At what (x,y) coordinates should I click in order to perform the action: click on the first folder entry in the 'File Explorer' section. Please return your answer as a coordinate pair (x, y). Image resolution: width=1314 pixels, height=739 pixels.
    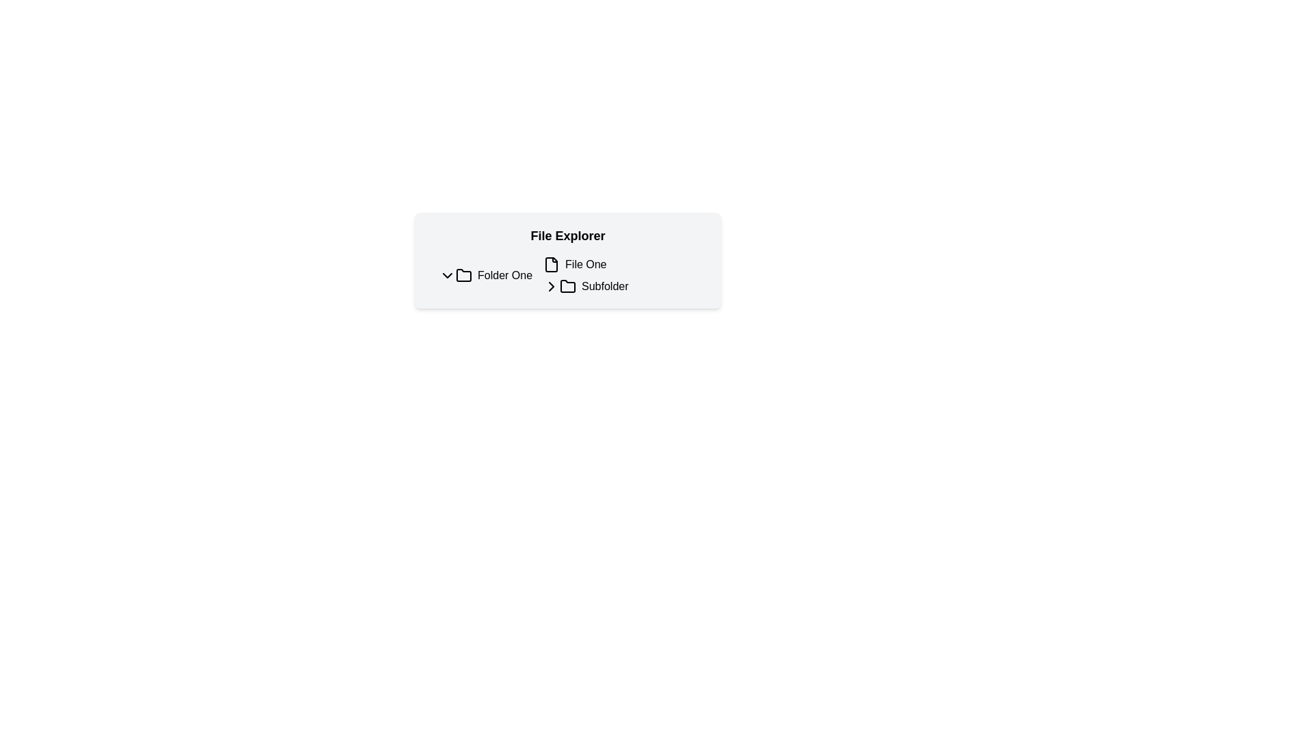
    Looking at the image, I should click on (493, 275).